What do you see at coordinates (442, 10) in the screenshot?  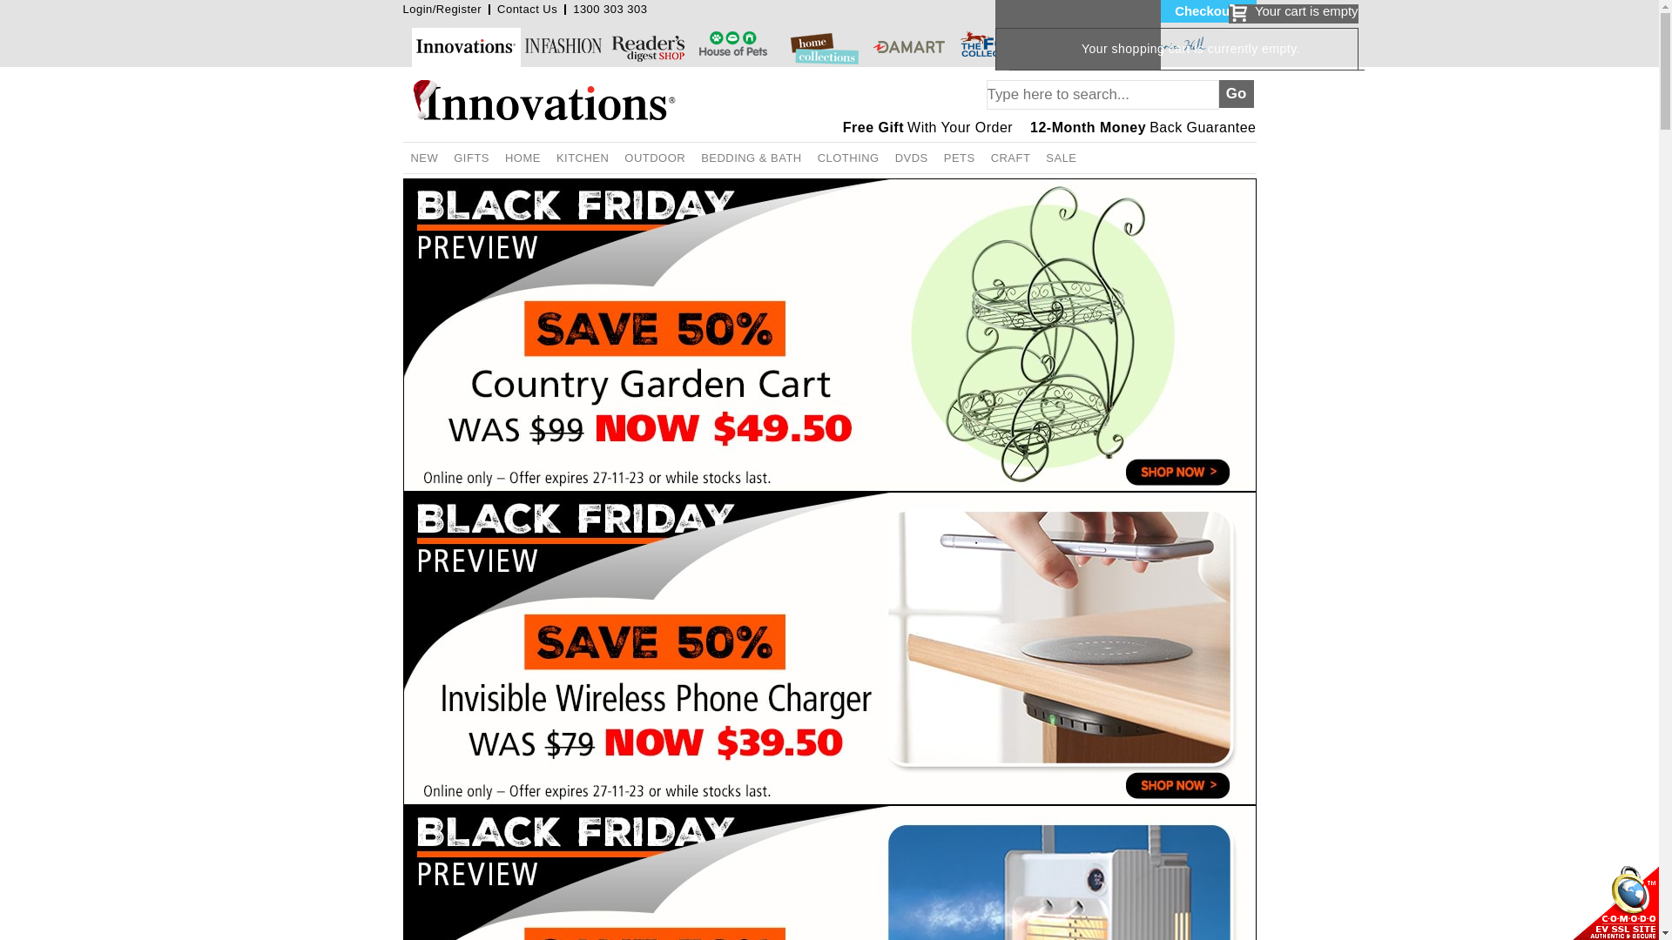 I see `'Login/Register'` at bounding box center [442, 10].